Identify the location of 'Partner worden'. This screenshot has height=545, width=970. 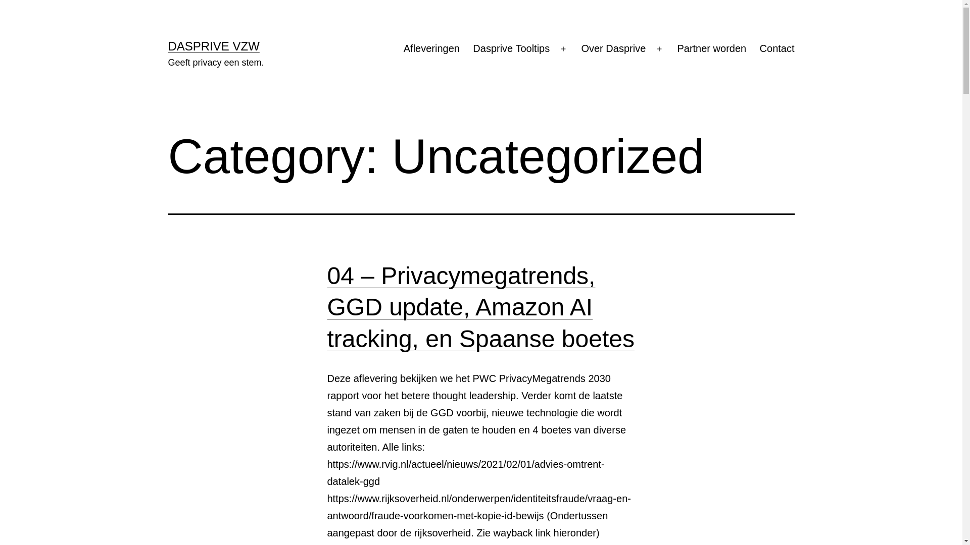
(711, 48).